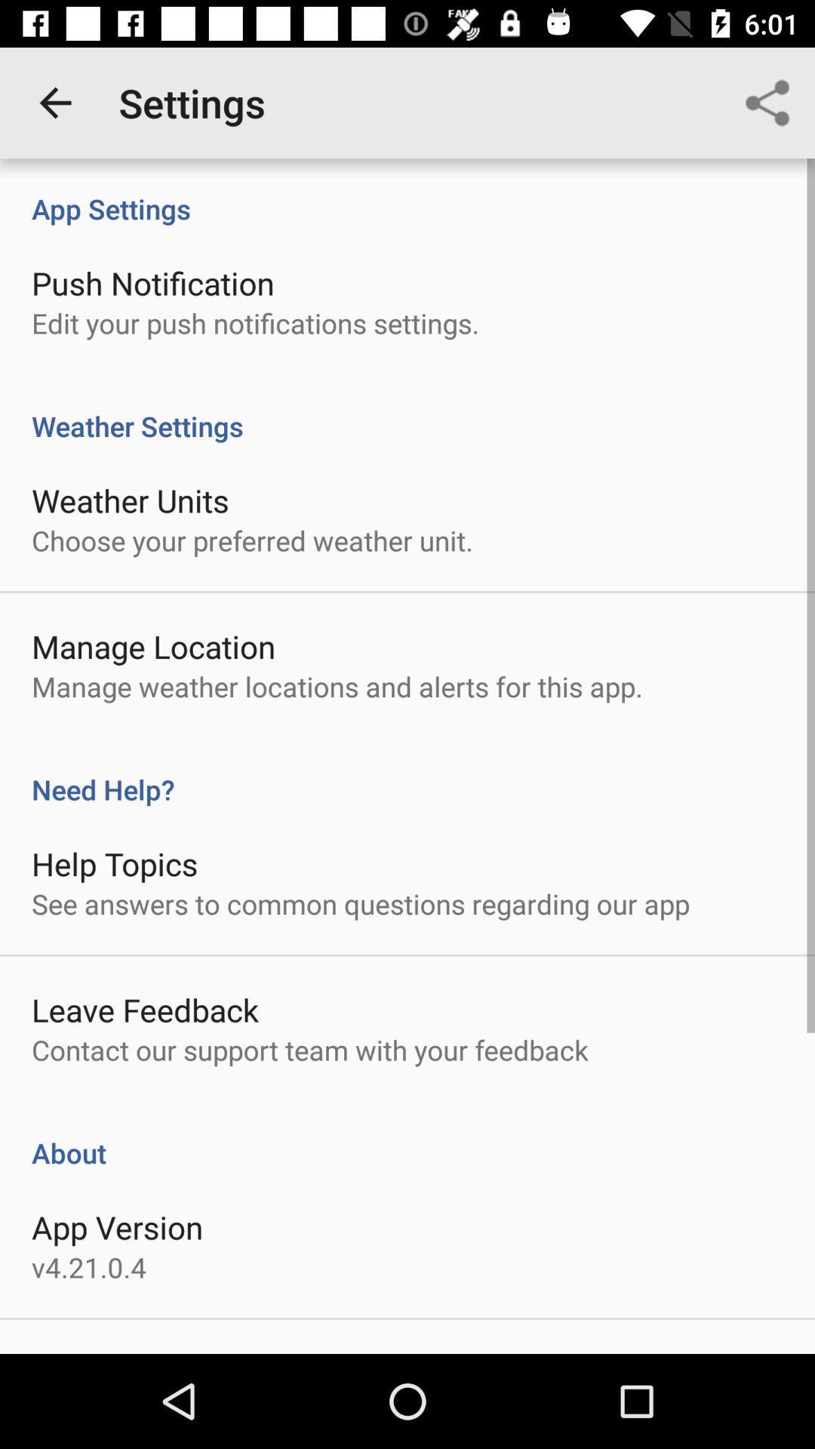  What do you see at coordinates (153, 646) in the screenshot?
I see `icon above manage weather locations item` at bounding box center [153, 646].